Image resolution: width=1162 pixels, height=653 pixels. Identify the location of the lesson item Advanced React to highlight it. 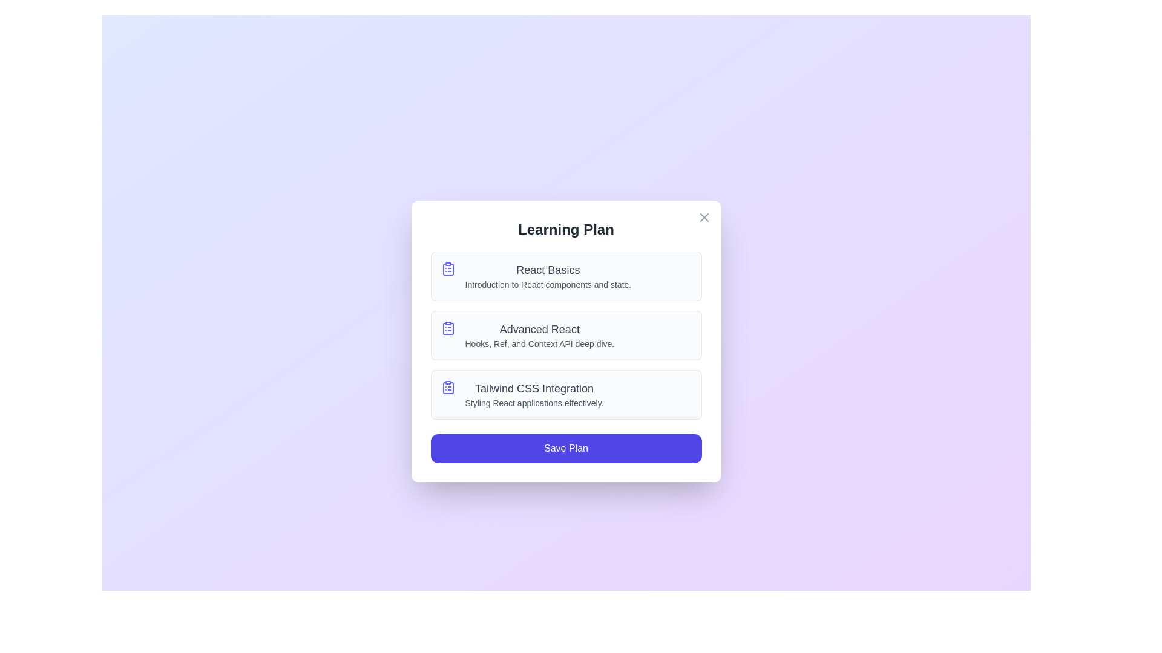
(565, 336).